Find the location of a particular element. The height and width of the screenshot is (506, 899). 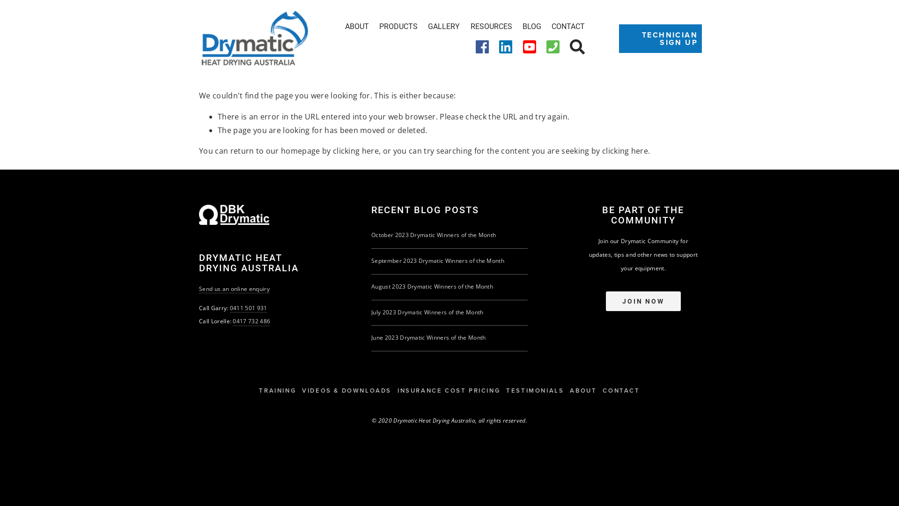

'0417 732 486' is located at coordinates (233, 321).